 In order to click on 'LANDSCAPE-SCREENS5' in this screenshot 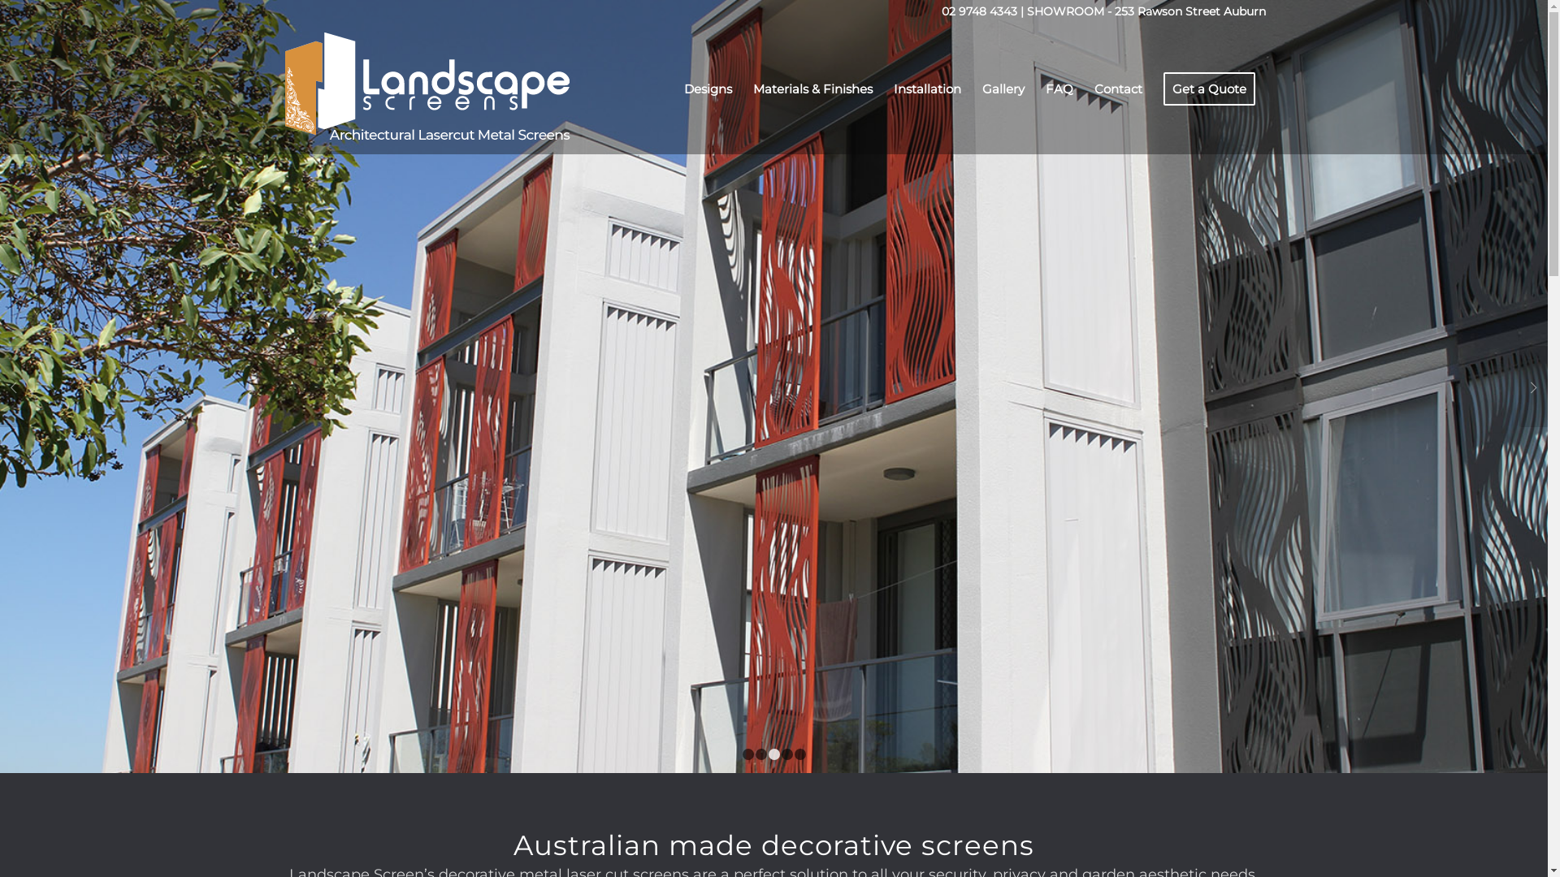, I will do `click(773, 387)`.